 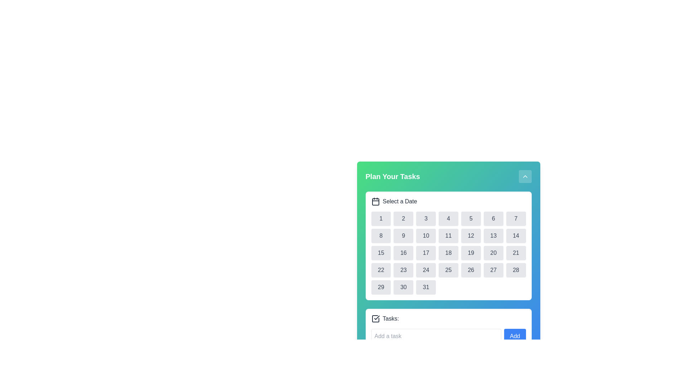 I want to click on the button representing the day '10' in the calendar, so click(x=426, y=236).